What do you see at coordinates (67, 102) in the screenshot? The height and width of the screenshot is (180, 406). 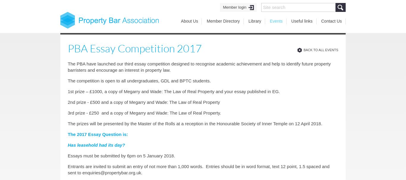 I see `'2nd prize - £500 and a copy of Megarry and Wade: The Law of Real Property'` at bounding box center [67, 102].